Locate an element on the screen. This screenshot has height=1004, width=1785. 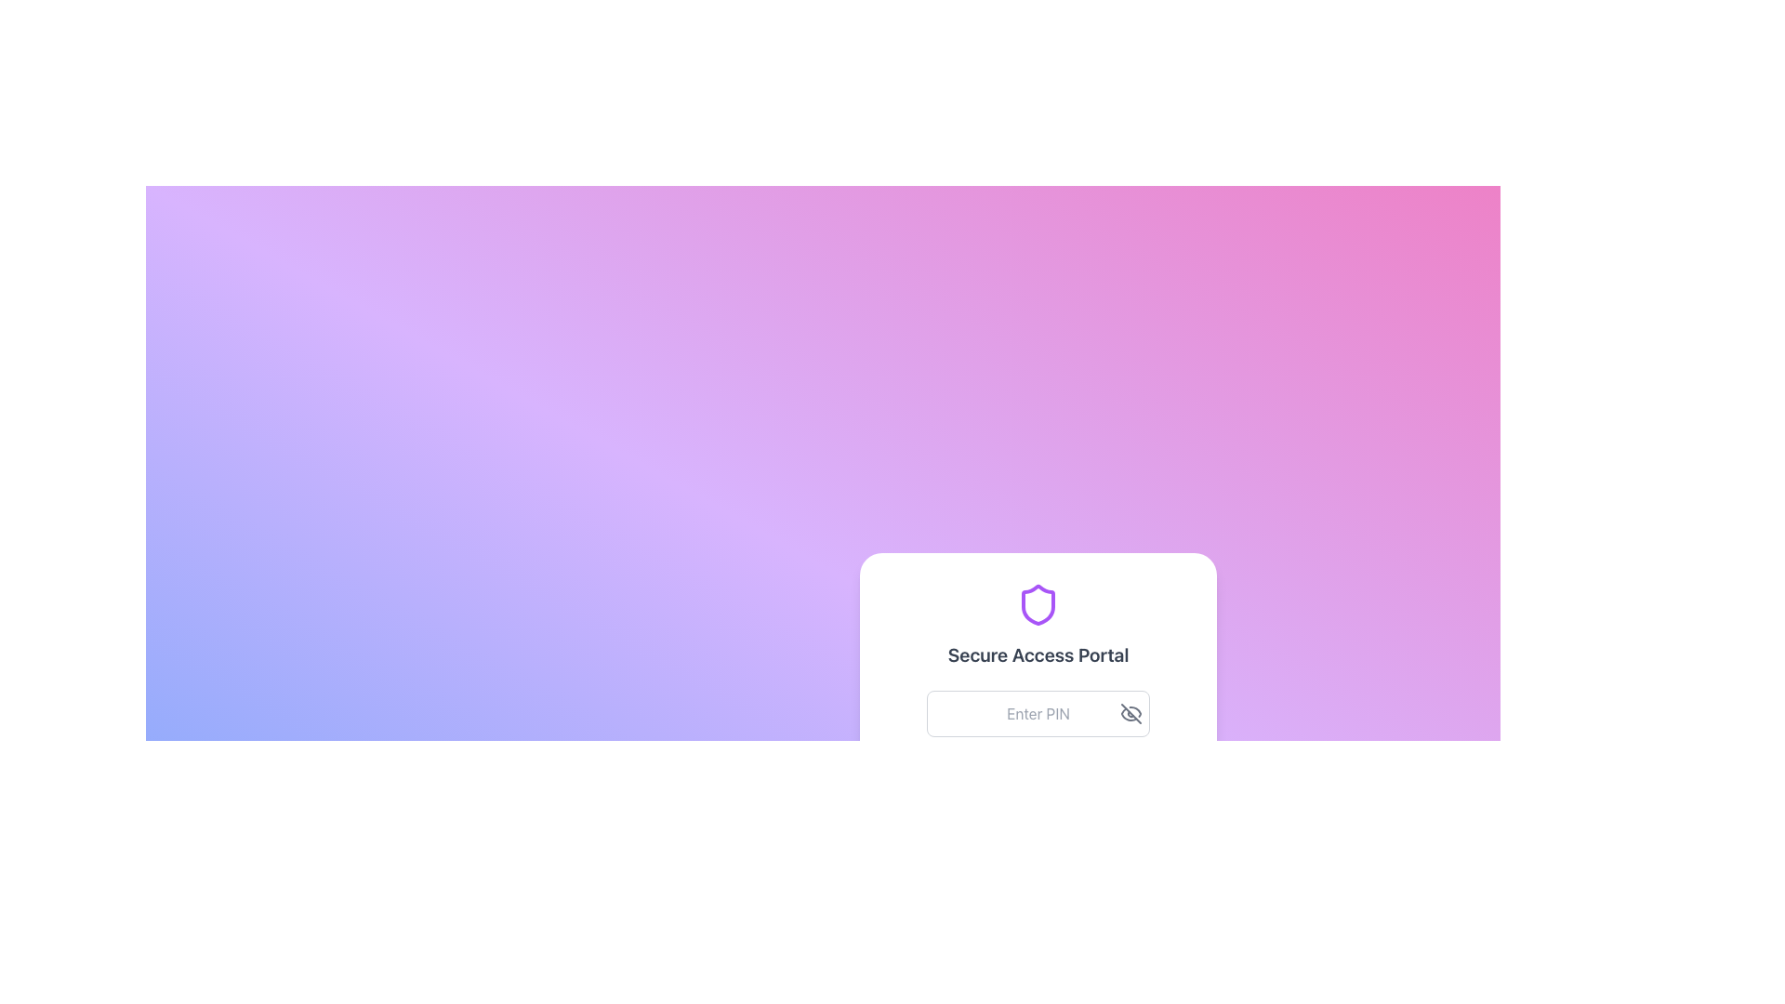
the 'eye-off' icon, which is an outlined graphic with a slash, located to the right of the 'Enter PIN' input field is located at coordinates (1130, 712).